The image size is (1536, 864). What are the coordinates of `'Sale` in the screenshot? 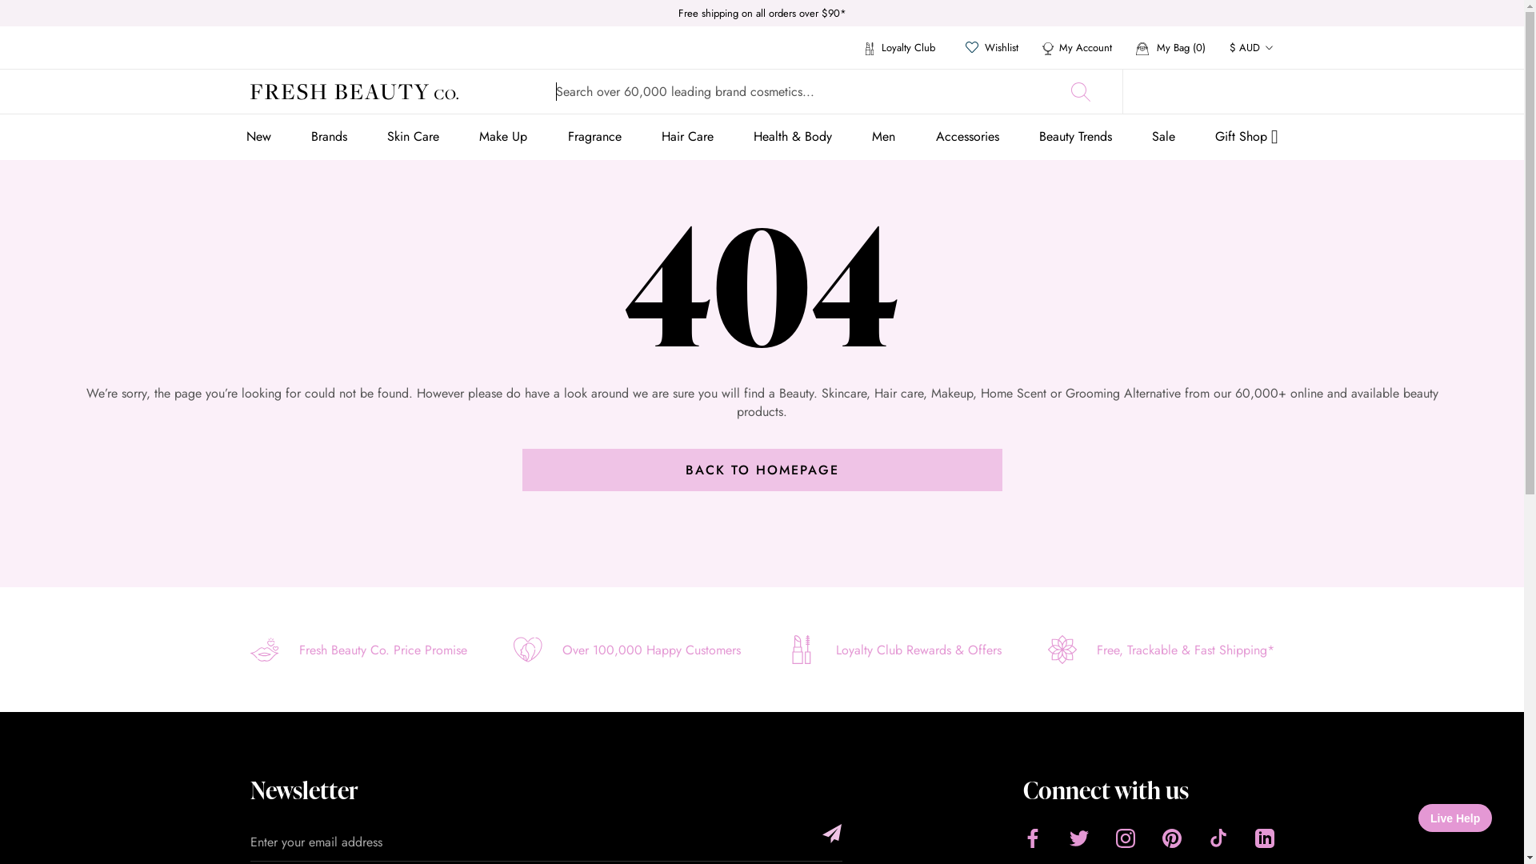 It's located at (1152, 135).